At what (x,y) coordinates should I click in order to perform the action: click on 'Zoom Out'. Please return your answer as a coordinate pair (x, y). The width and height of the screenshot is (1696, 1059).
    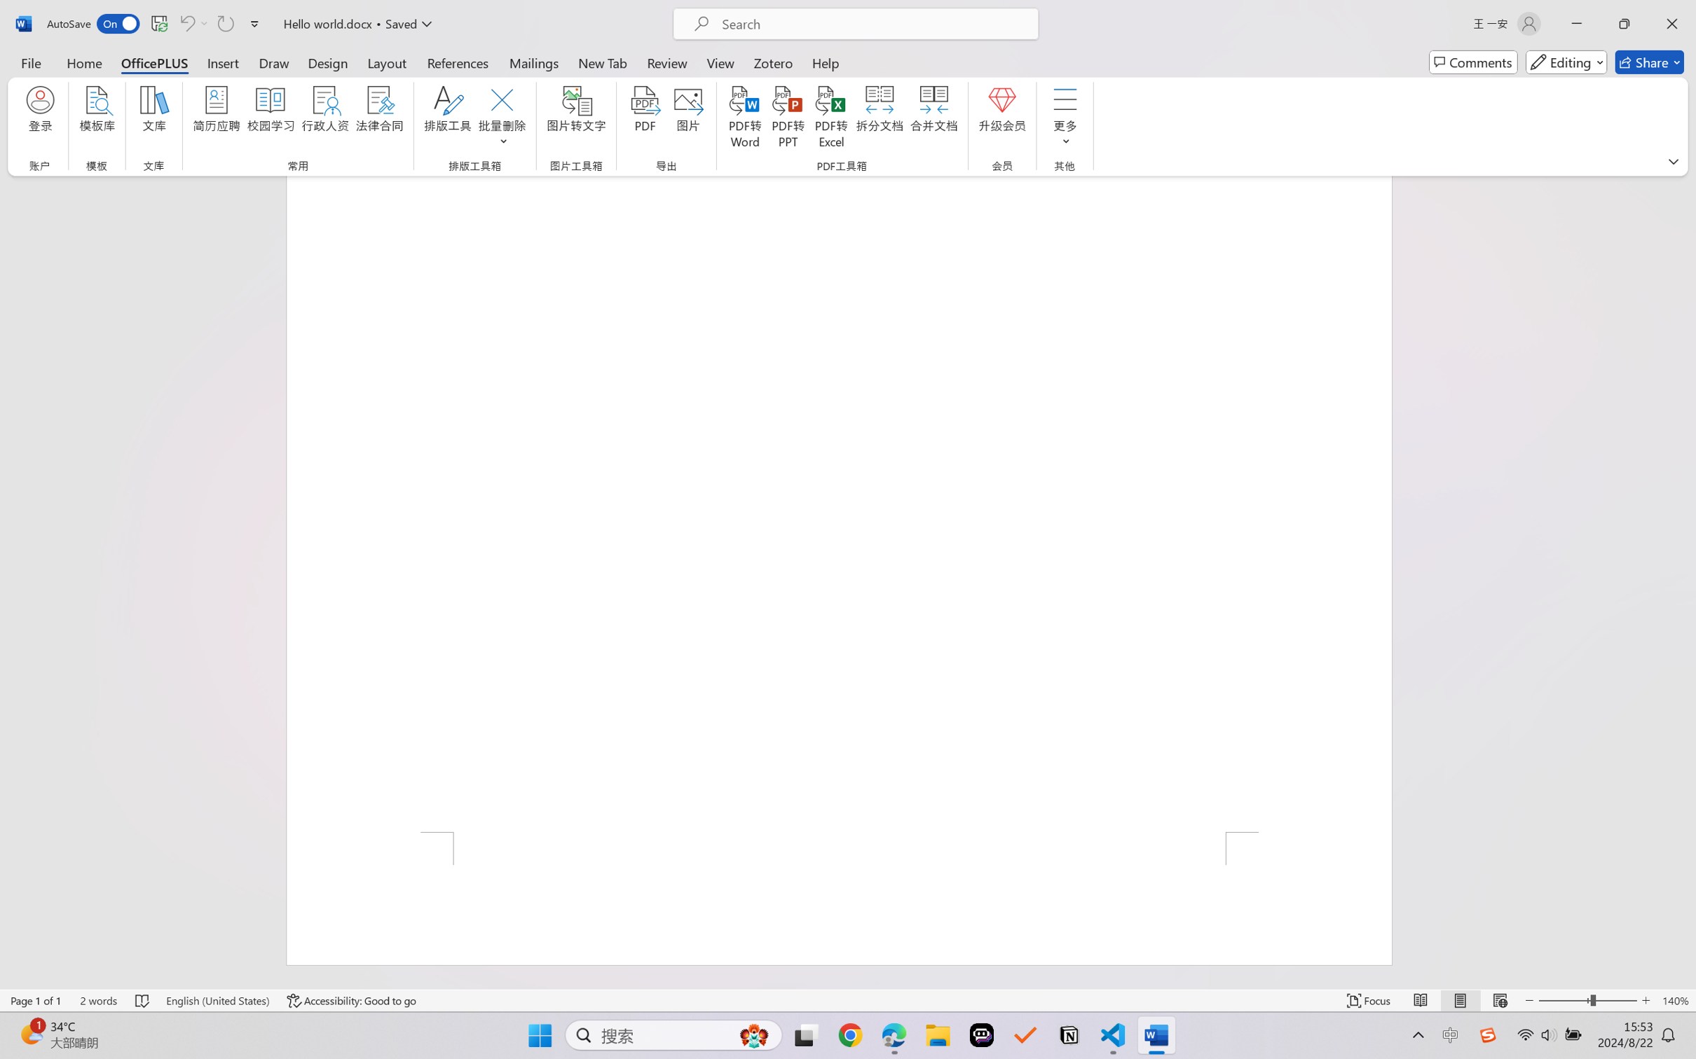
    Looking at the image, I should click on (1564, 1000).